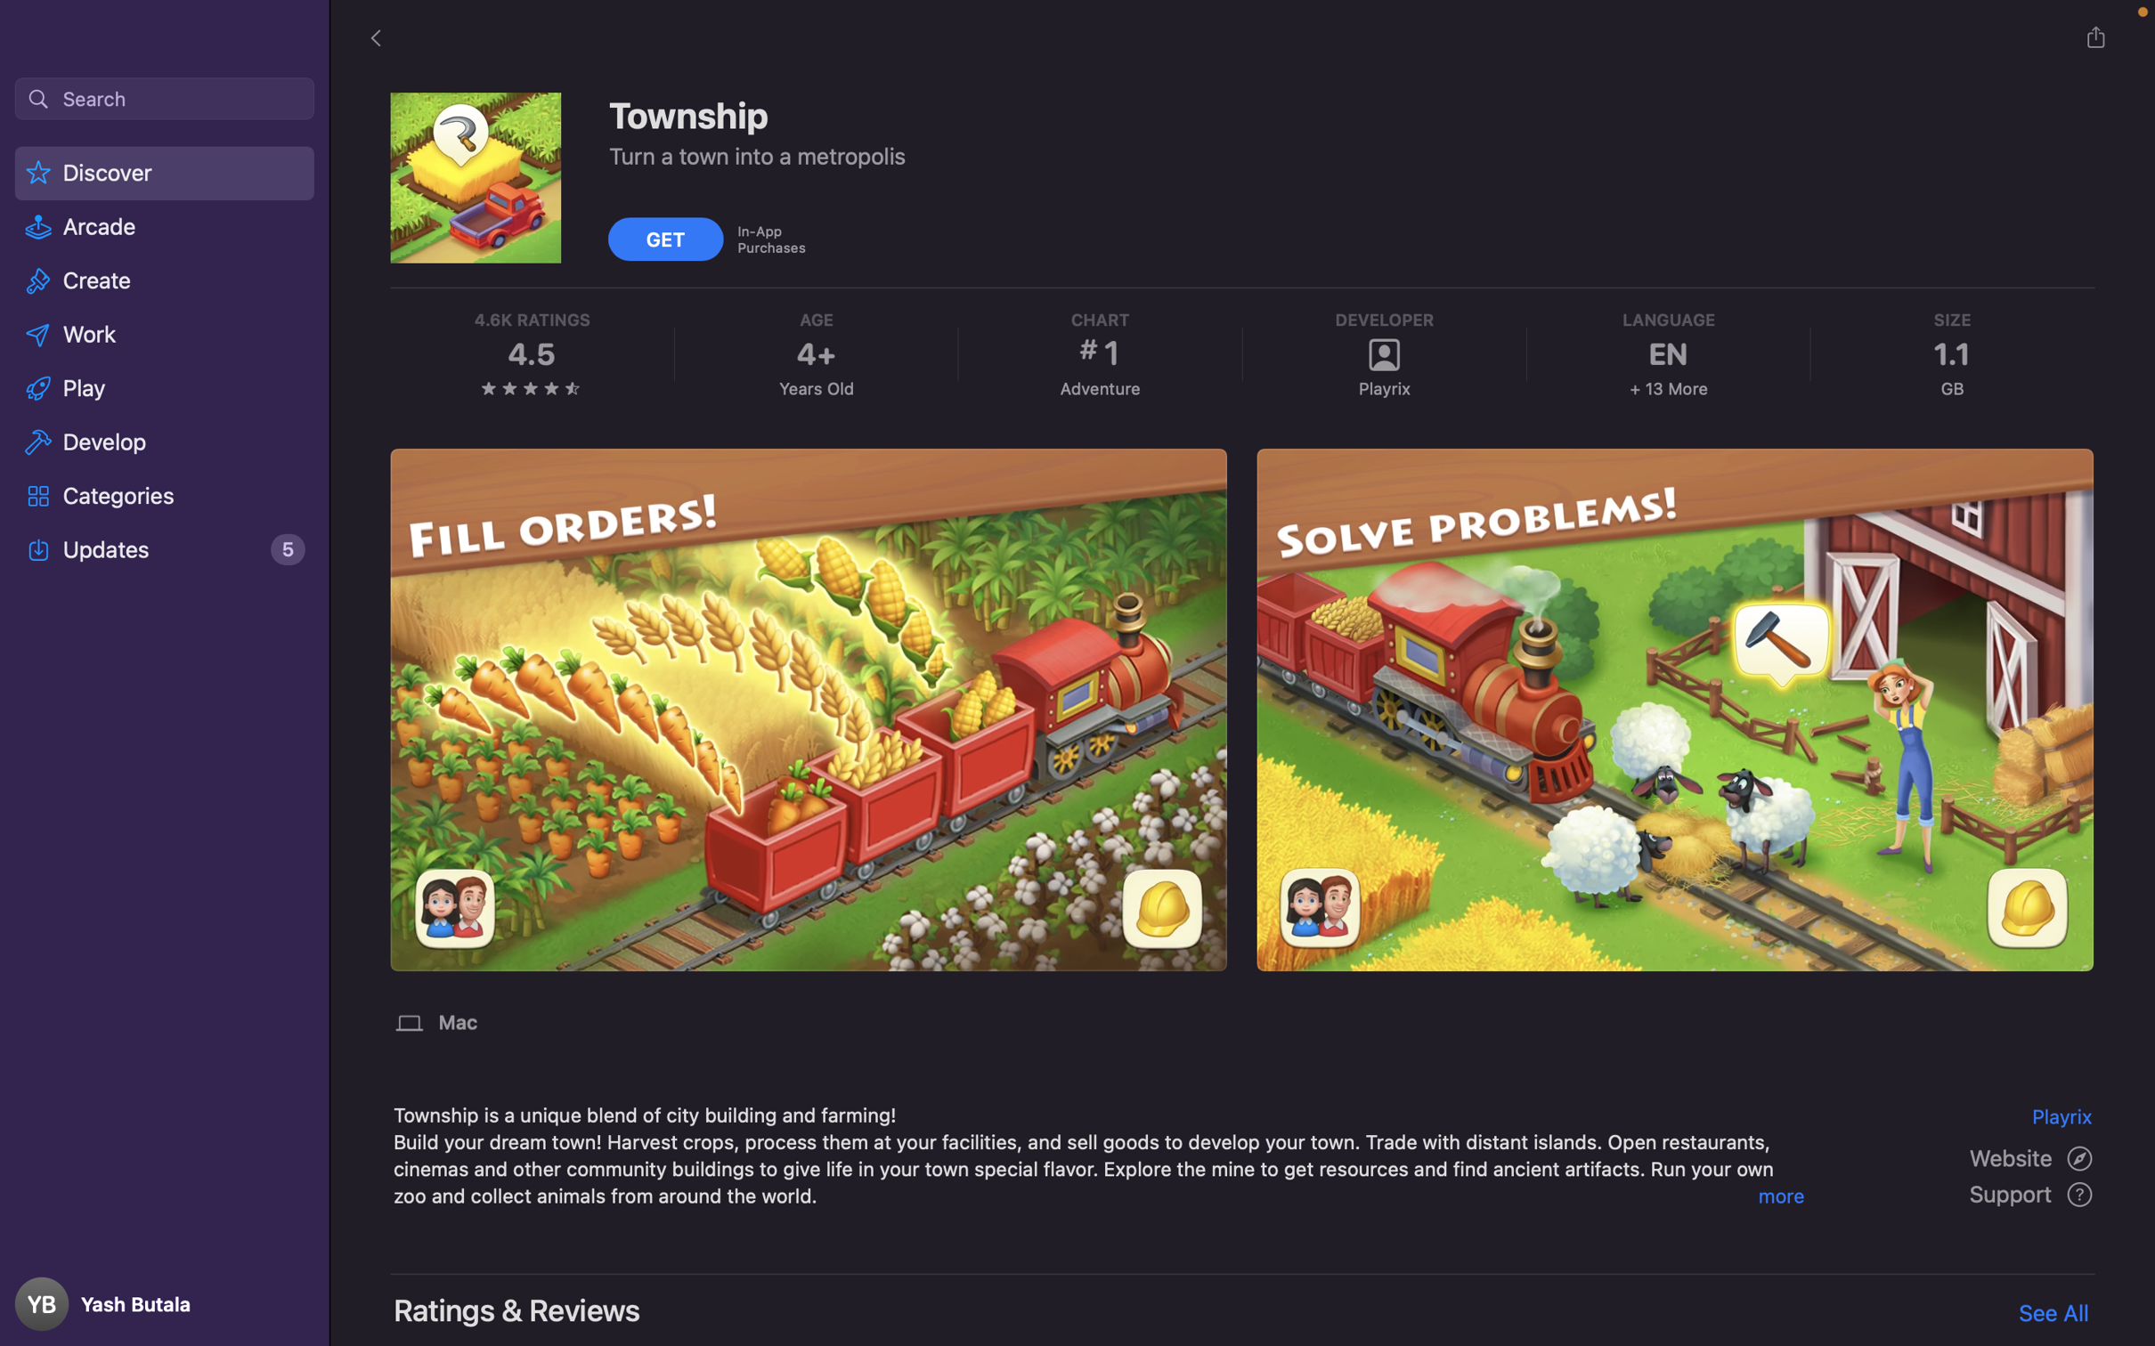  Describe the element at coordinates (2094, 36) in the screenshot. I see `the Share option, then choose to copy the link` at that location.